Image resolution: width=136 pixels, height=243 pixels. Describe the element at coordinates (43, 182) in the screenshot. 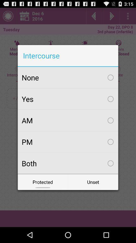

I see `protected icon` at that location.